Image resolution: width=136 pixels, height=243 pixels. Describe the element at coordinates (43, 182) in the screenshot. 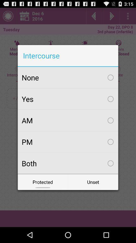

I see `protected icon` at that location.